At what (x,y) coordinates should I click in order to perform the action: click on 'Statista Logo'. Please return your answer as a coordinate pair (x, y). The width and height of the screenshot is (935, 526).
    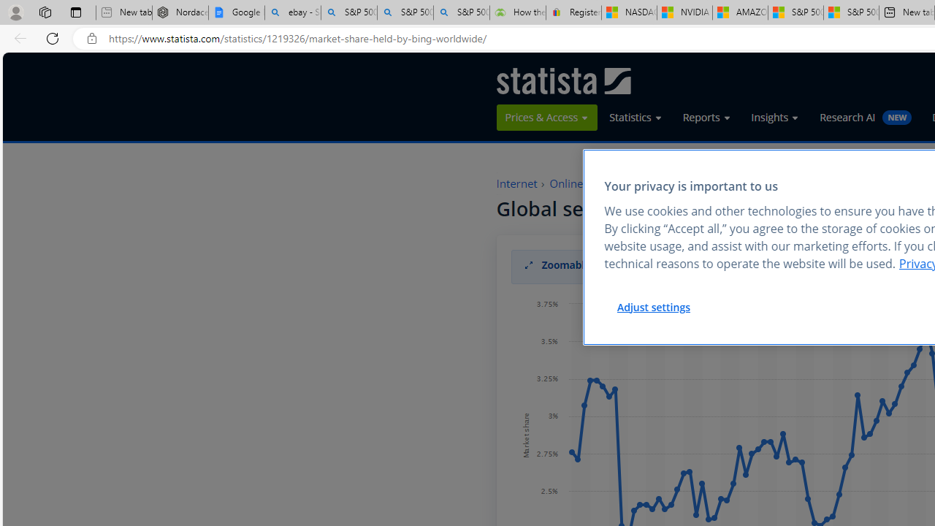
    Looking at the image, I should click on (562, 80).